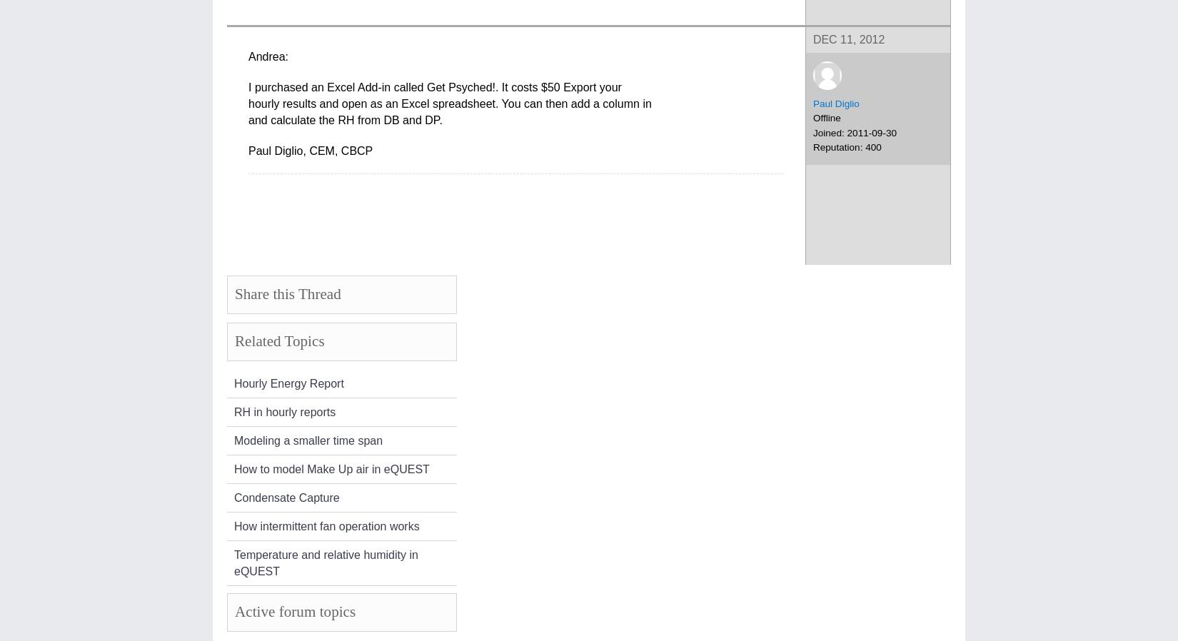  What do you see at coordinates (288, 382) in the screenshot?
I see `'Hourly Energy Report'` at bounding box center [288, 382].